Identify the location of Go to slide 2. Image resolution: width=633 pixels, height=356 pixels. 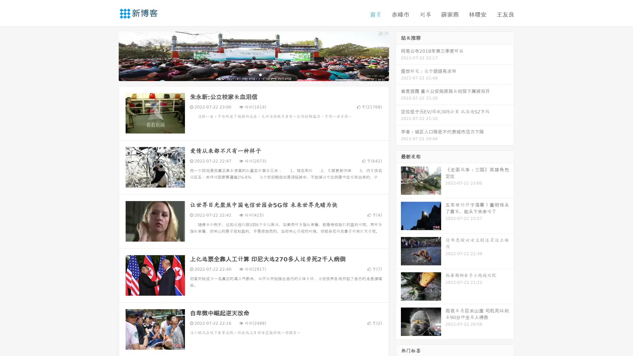
(253, 74).